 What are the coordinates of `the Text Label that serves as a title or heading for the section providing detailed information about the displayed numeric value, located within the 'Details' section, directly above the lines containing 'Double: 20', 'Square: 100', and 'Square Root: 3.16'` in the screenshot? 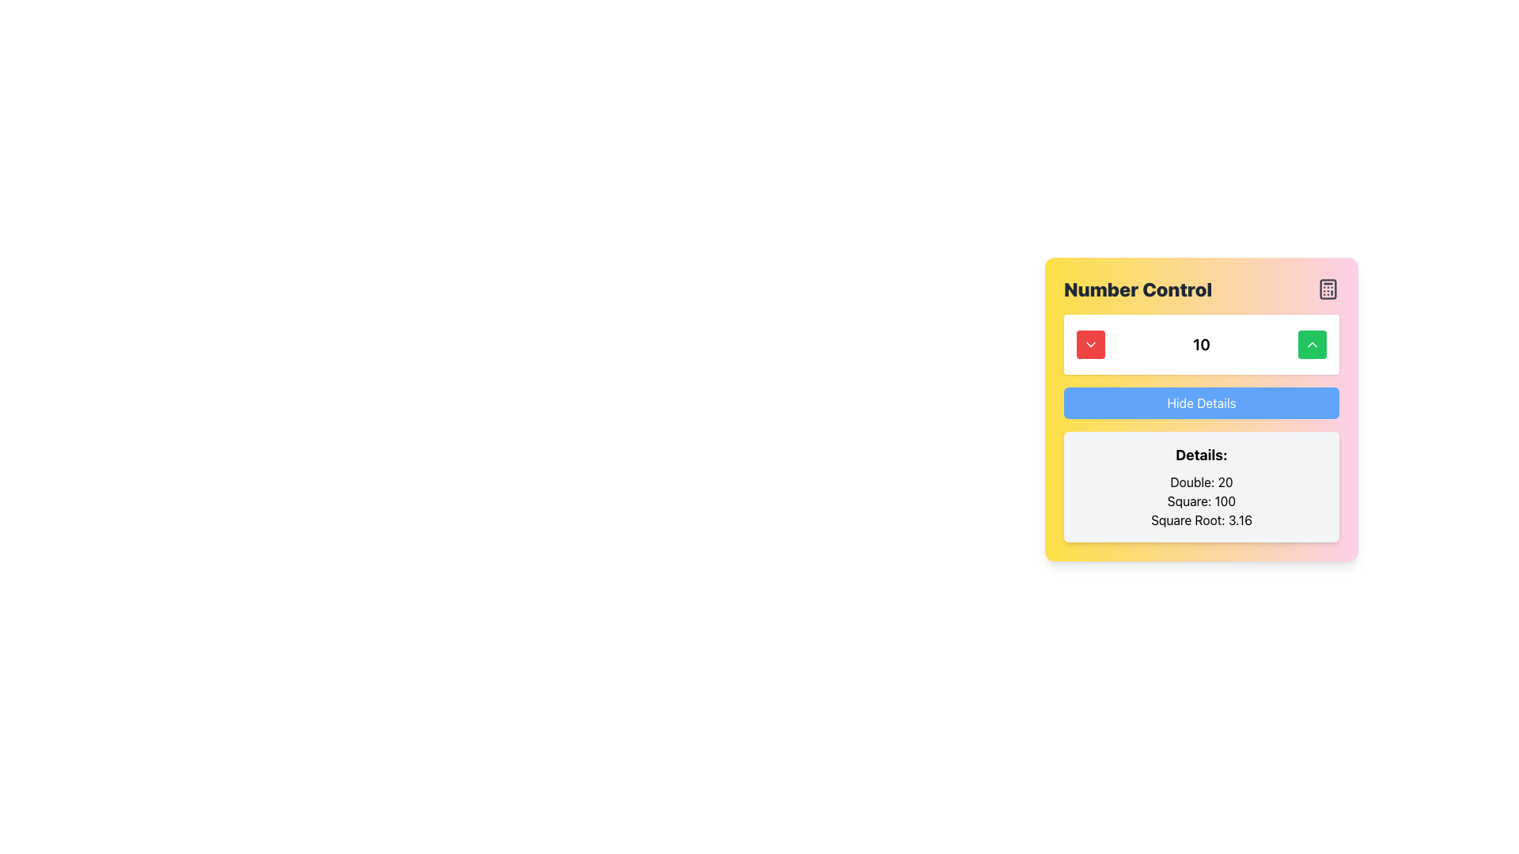 It's located at (1201, 455).